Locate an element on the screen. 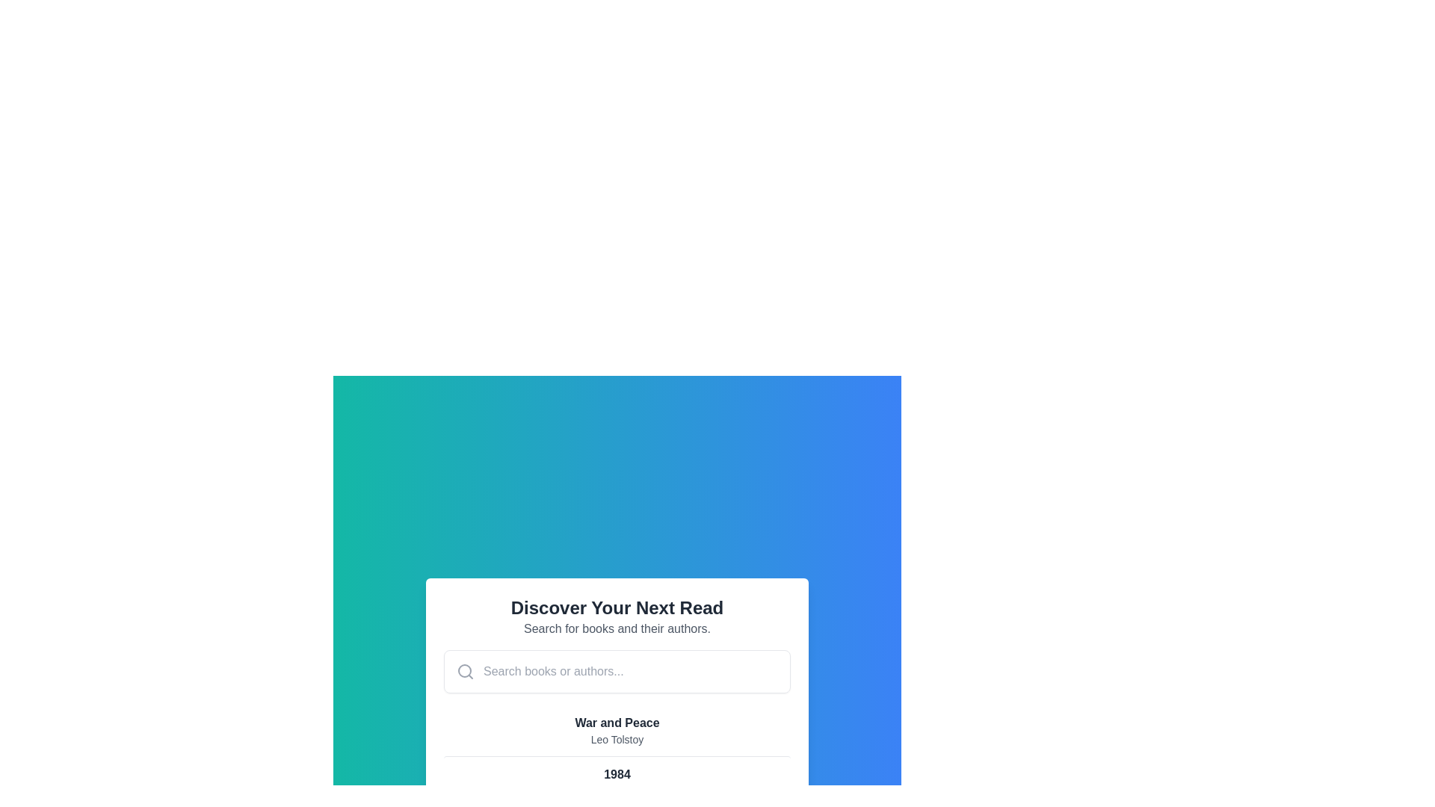 This screenshot has height=807, width=1435. the circular magnifying glass icon within the SVG graphic that represents a disabled search function, located at the top-left of the search bar above the placeholder text 'Search books or authors...' is located at coordinates (464, 670).